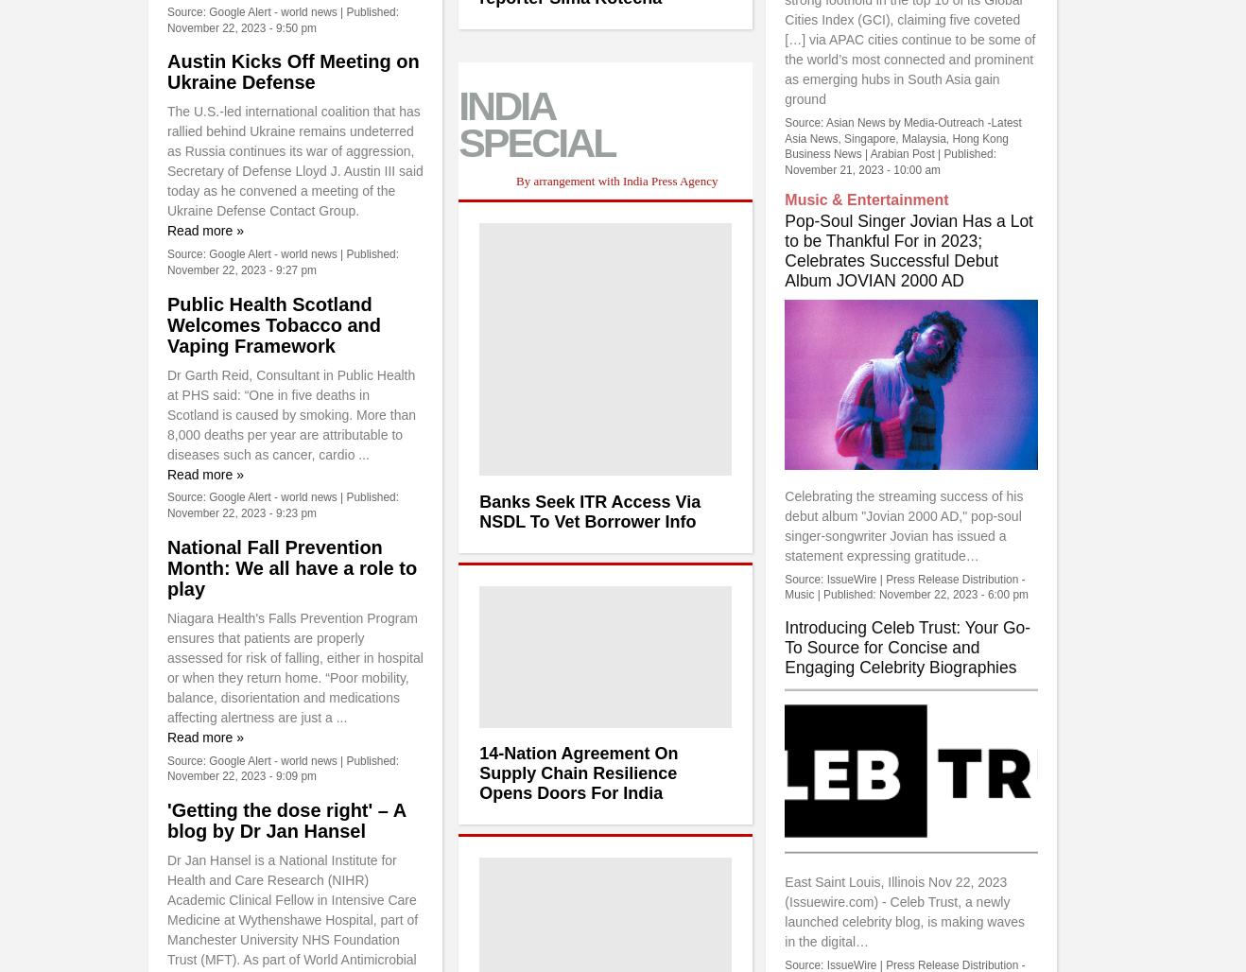 The image size is (1246, 972). Describe the element at coordinates (903, 911) in the screenshot. I see `'East Saint Louis, Illinois Nov 22, 2023 (Issuewire.com) - Celeb Trust, a newly launched celebrity blog, is making waves in the digital…'` at that location.